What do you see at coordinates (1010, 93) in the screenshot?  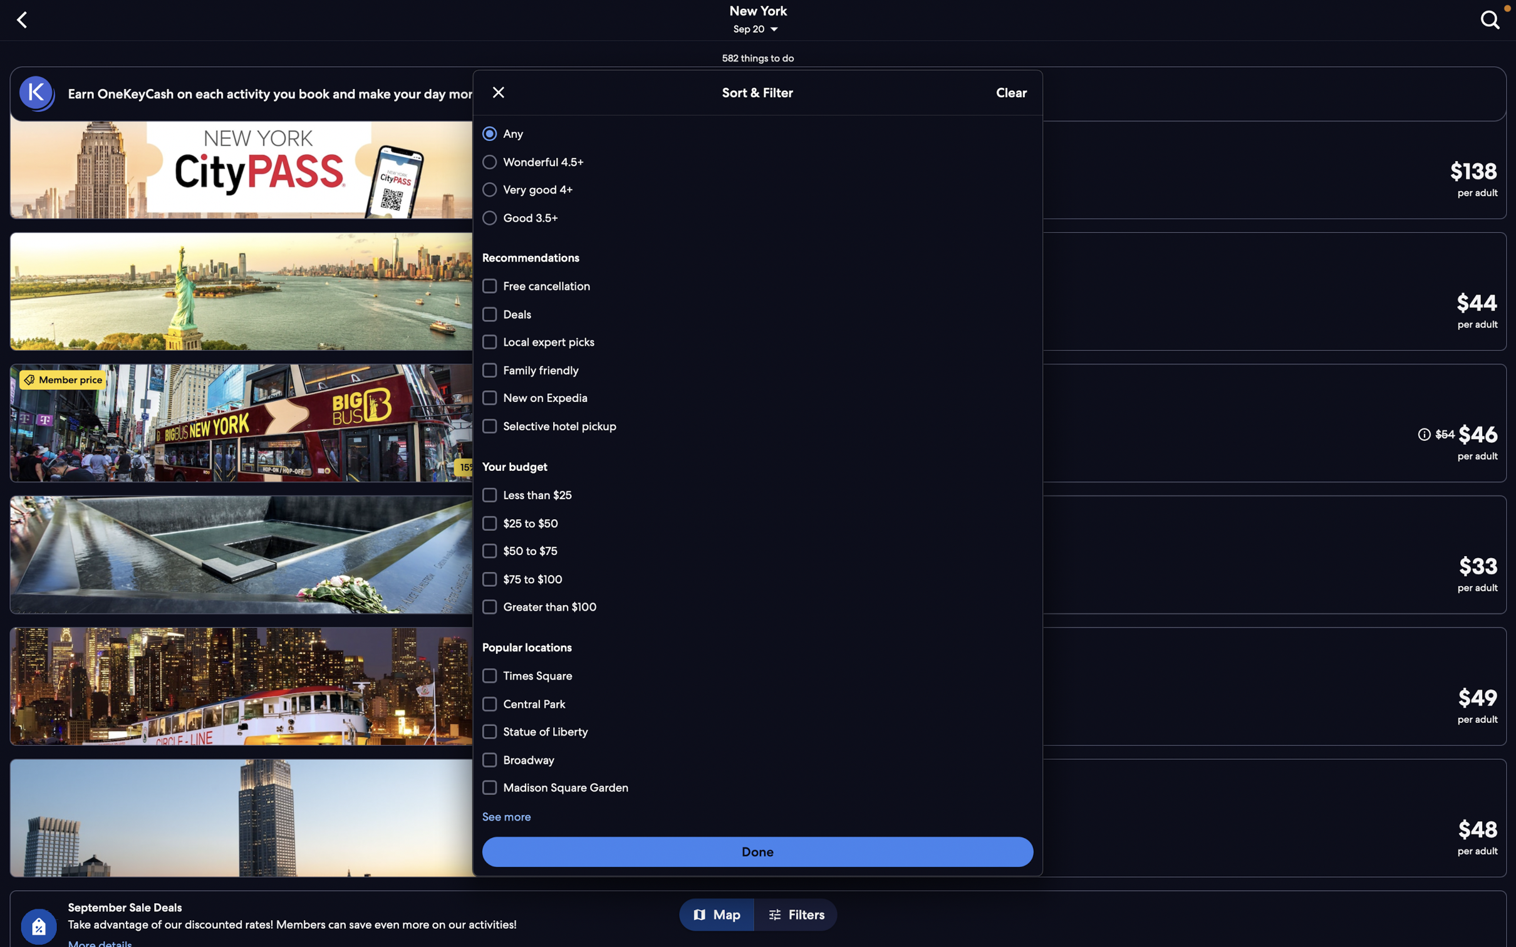 I see `Clear the selections` at bounding box center [1010, 93].